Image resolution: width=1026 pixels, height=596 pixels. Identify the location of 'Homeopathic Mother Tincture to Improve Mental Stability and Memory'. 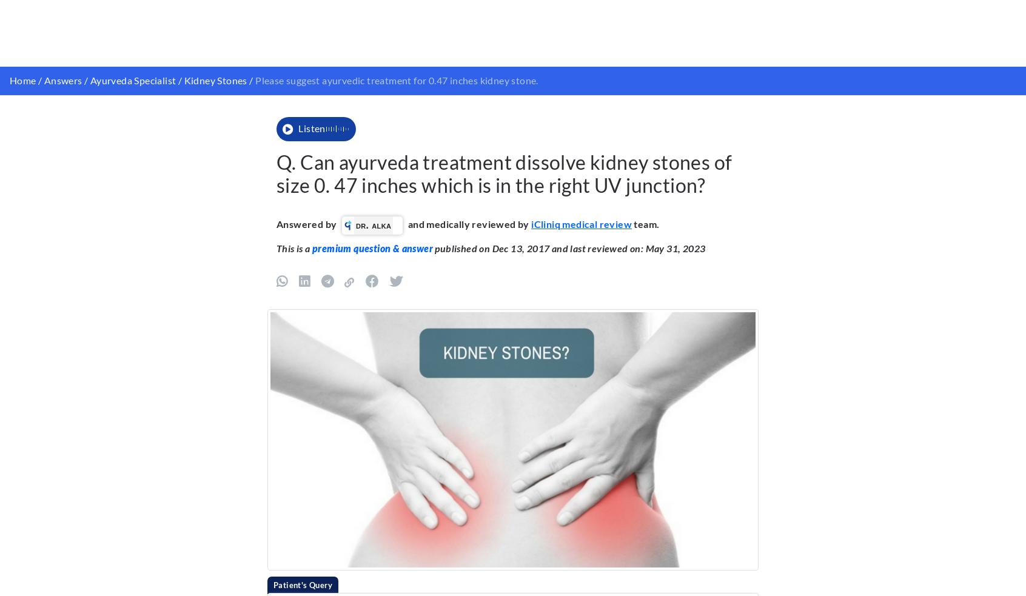
(441, 233).